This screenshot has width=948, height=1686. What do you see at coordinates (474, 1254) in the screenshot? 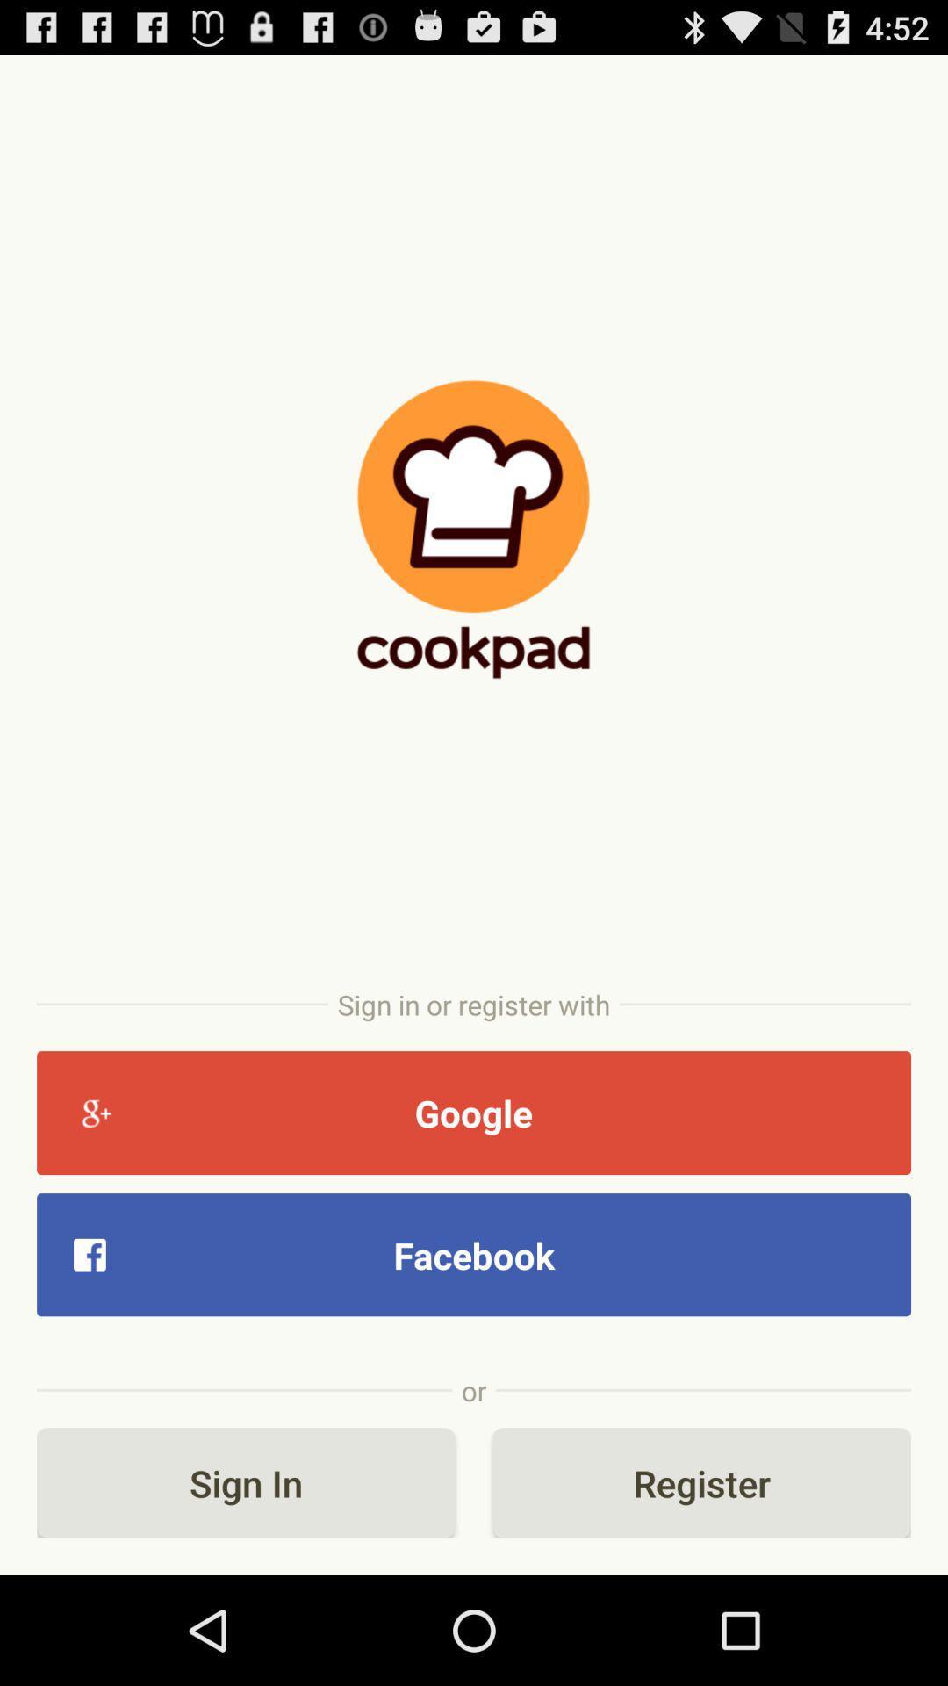
I see `item below google item` at bounding box center [474, 1254].